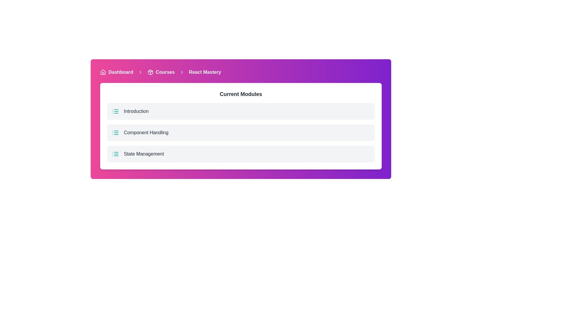 The width and height of the screenshot is (569, 320). Describe the element at coordinates (115, 132) in the screenshot. I see `the teal-stroke SVG icon representing a list in the 'Component Handling' module card within the 'Current Modules' section` at that location.